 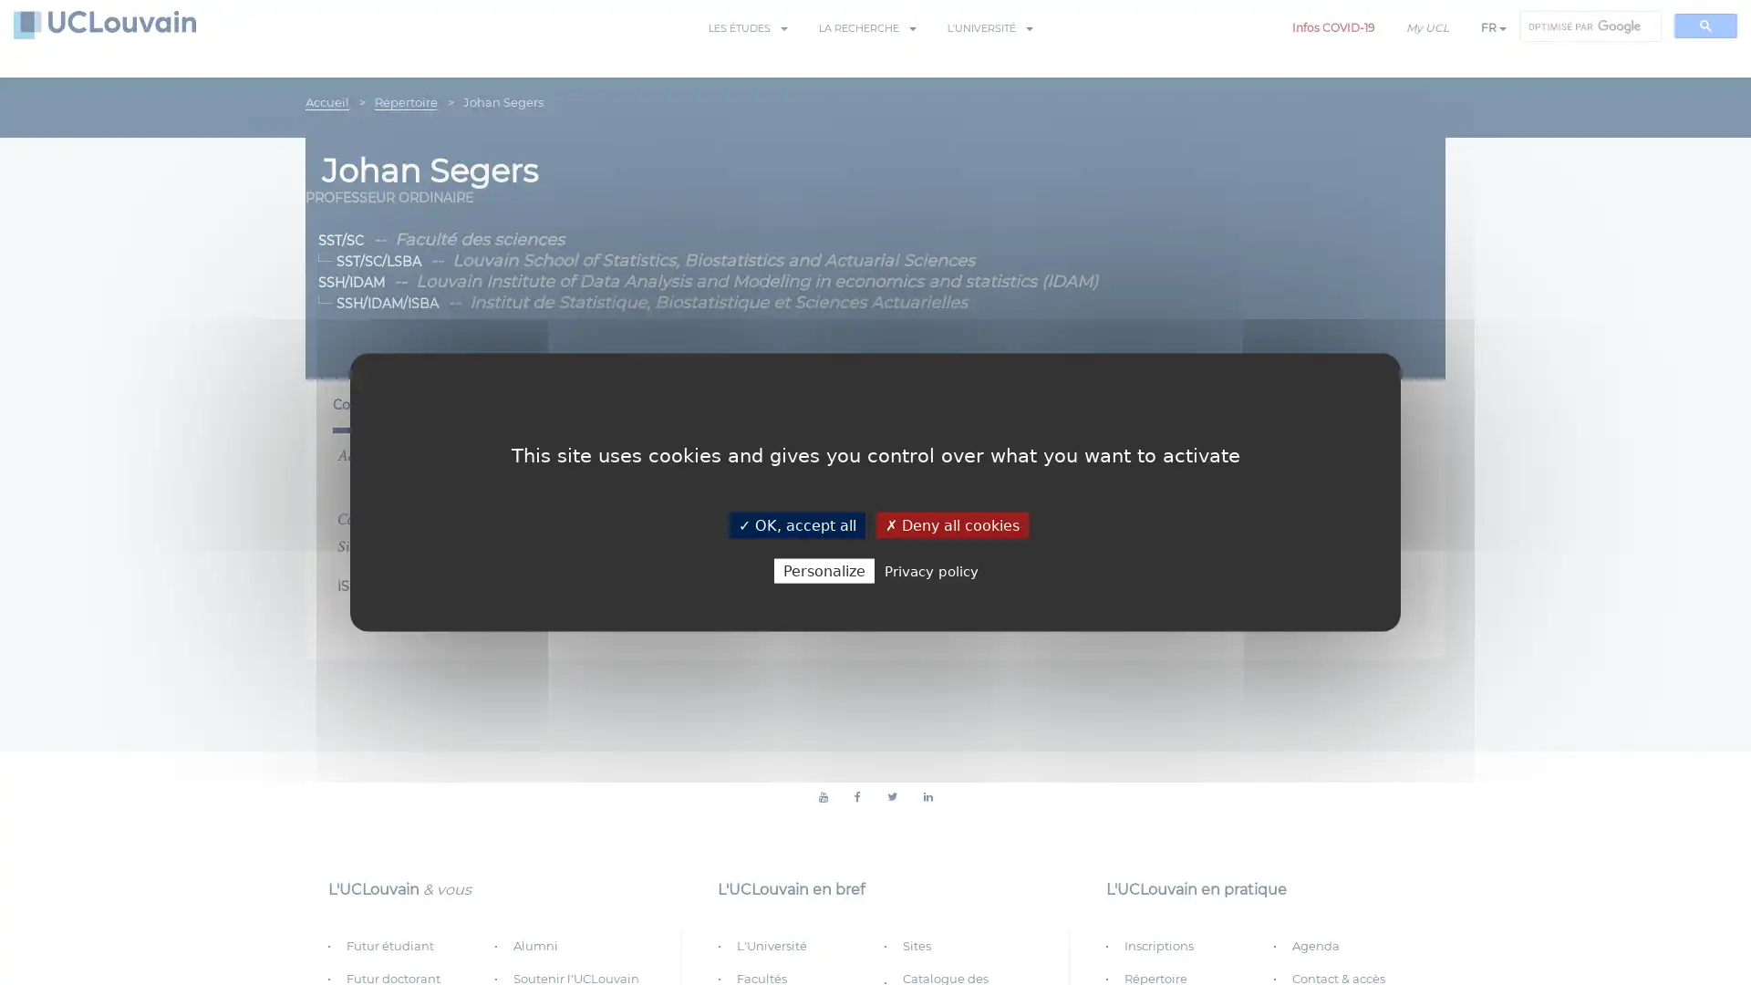 I want to click on Deny all cookies, so click(x=950, y=524).